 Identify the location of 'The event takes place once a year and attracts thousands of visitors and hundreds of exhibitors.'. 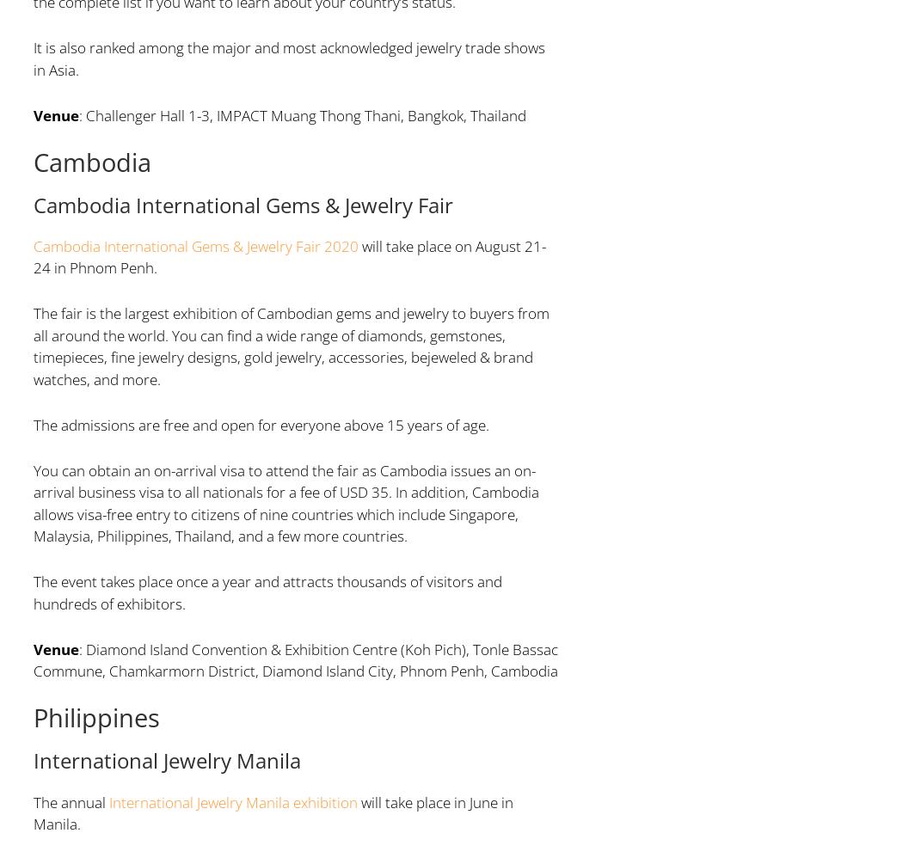
(32, 592).